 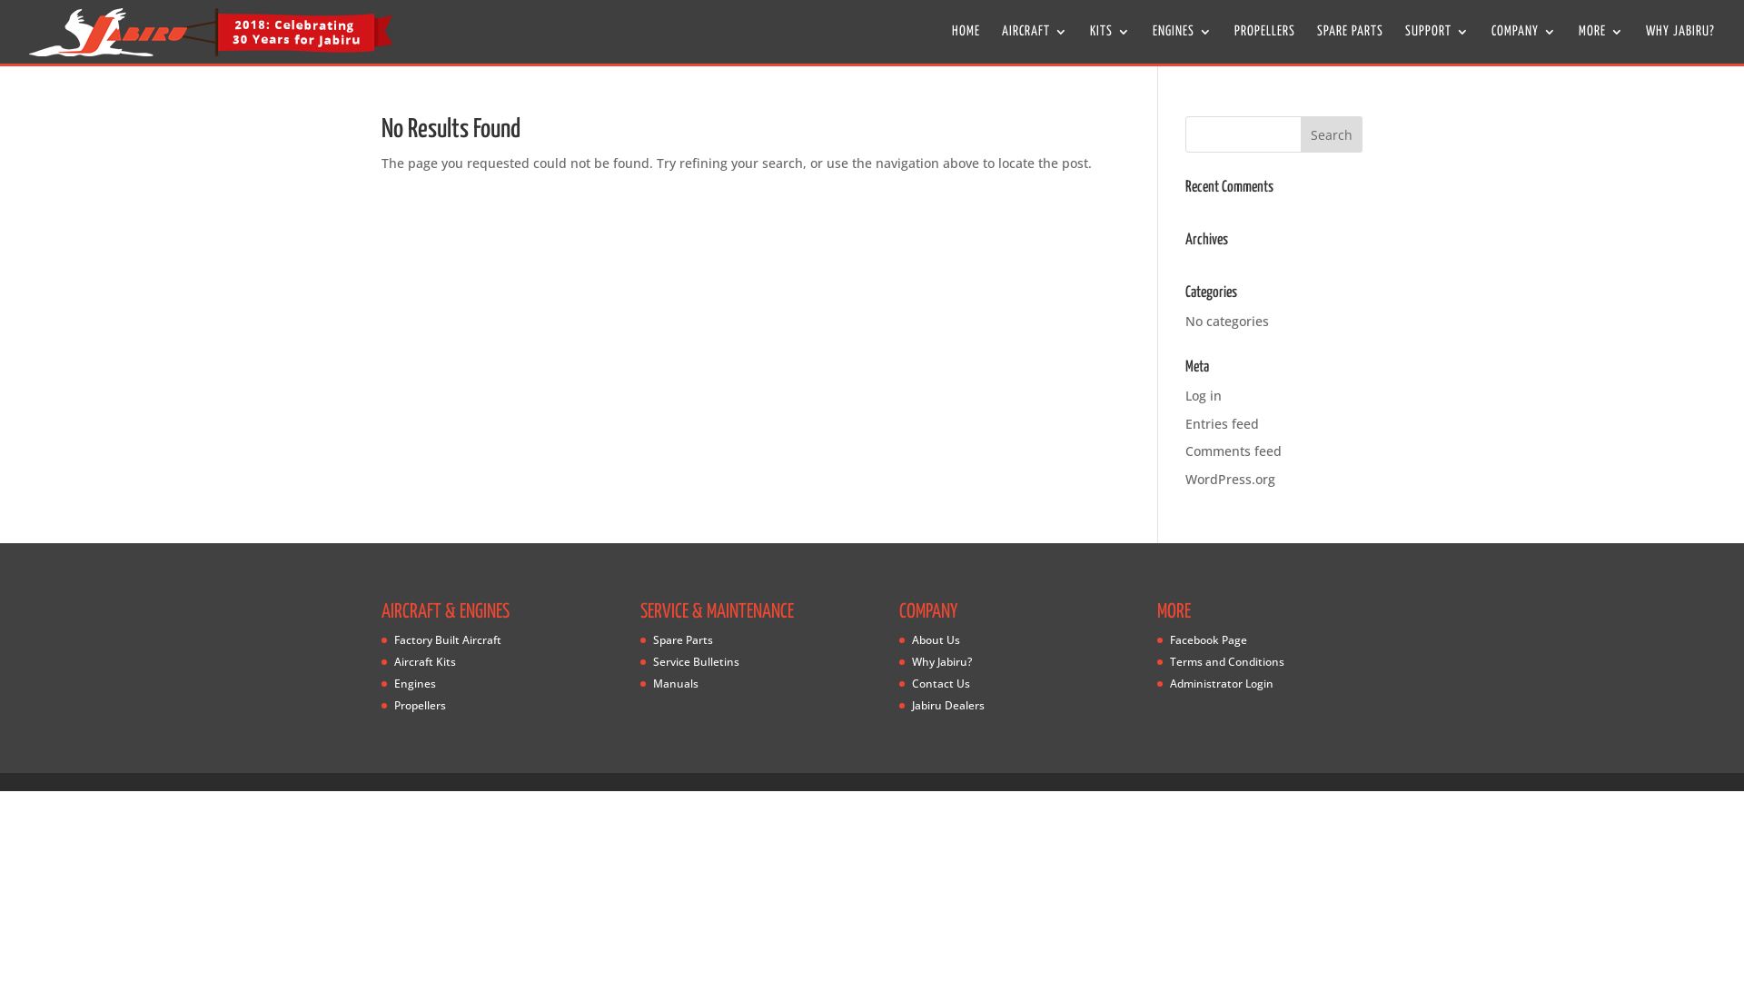 What do you see at coordinates (1263, 44) in the screenshot?
I see `'PROPELLERS'` at bounding box center [1263, 44].